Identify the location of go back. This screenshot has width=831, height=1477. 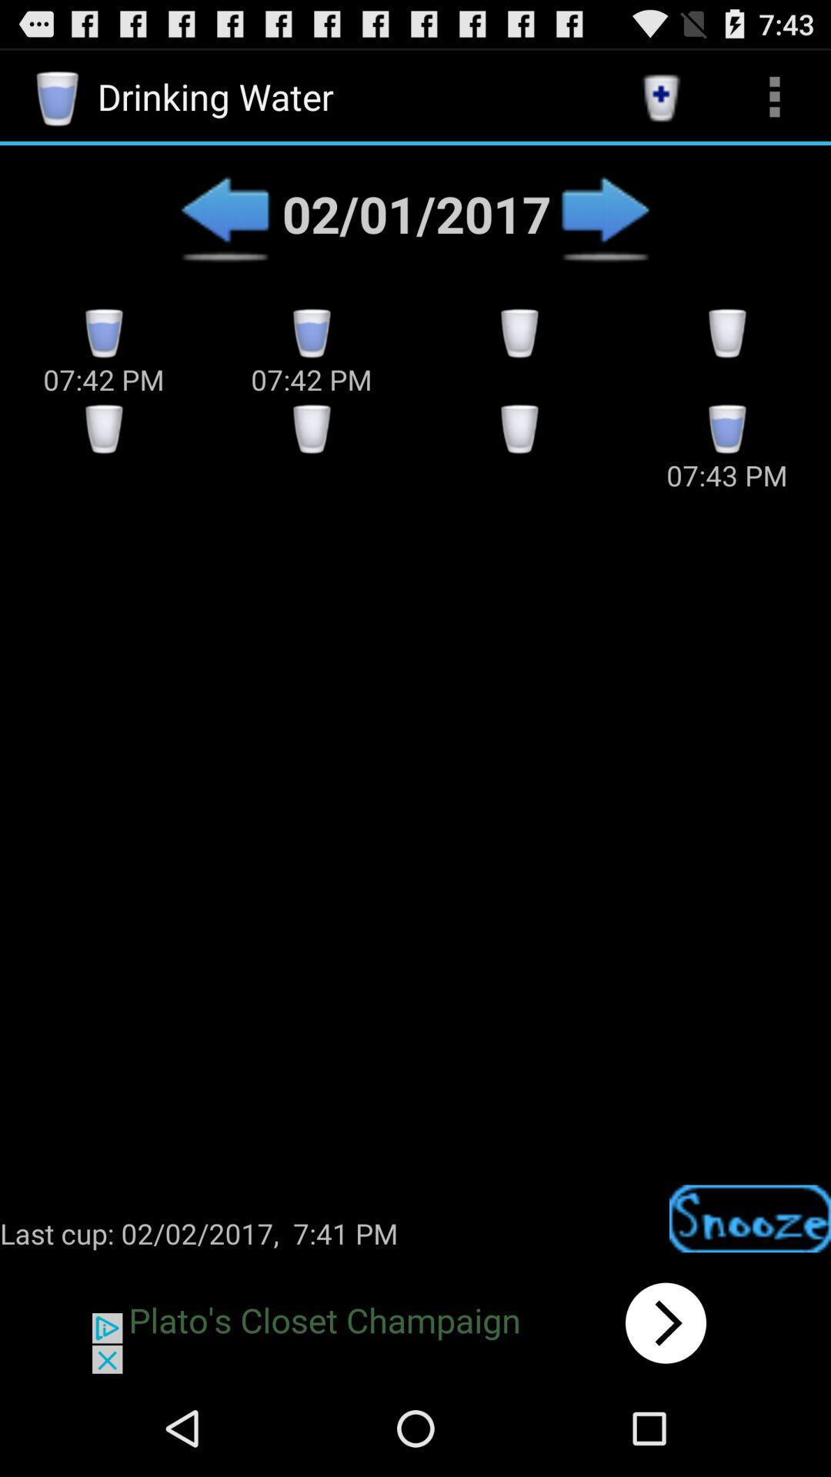
(225, 213).